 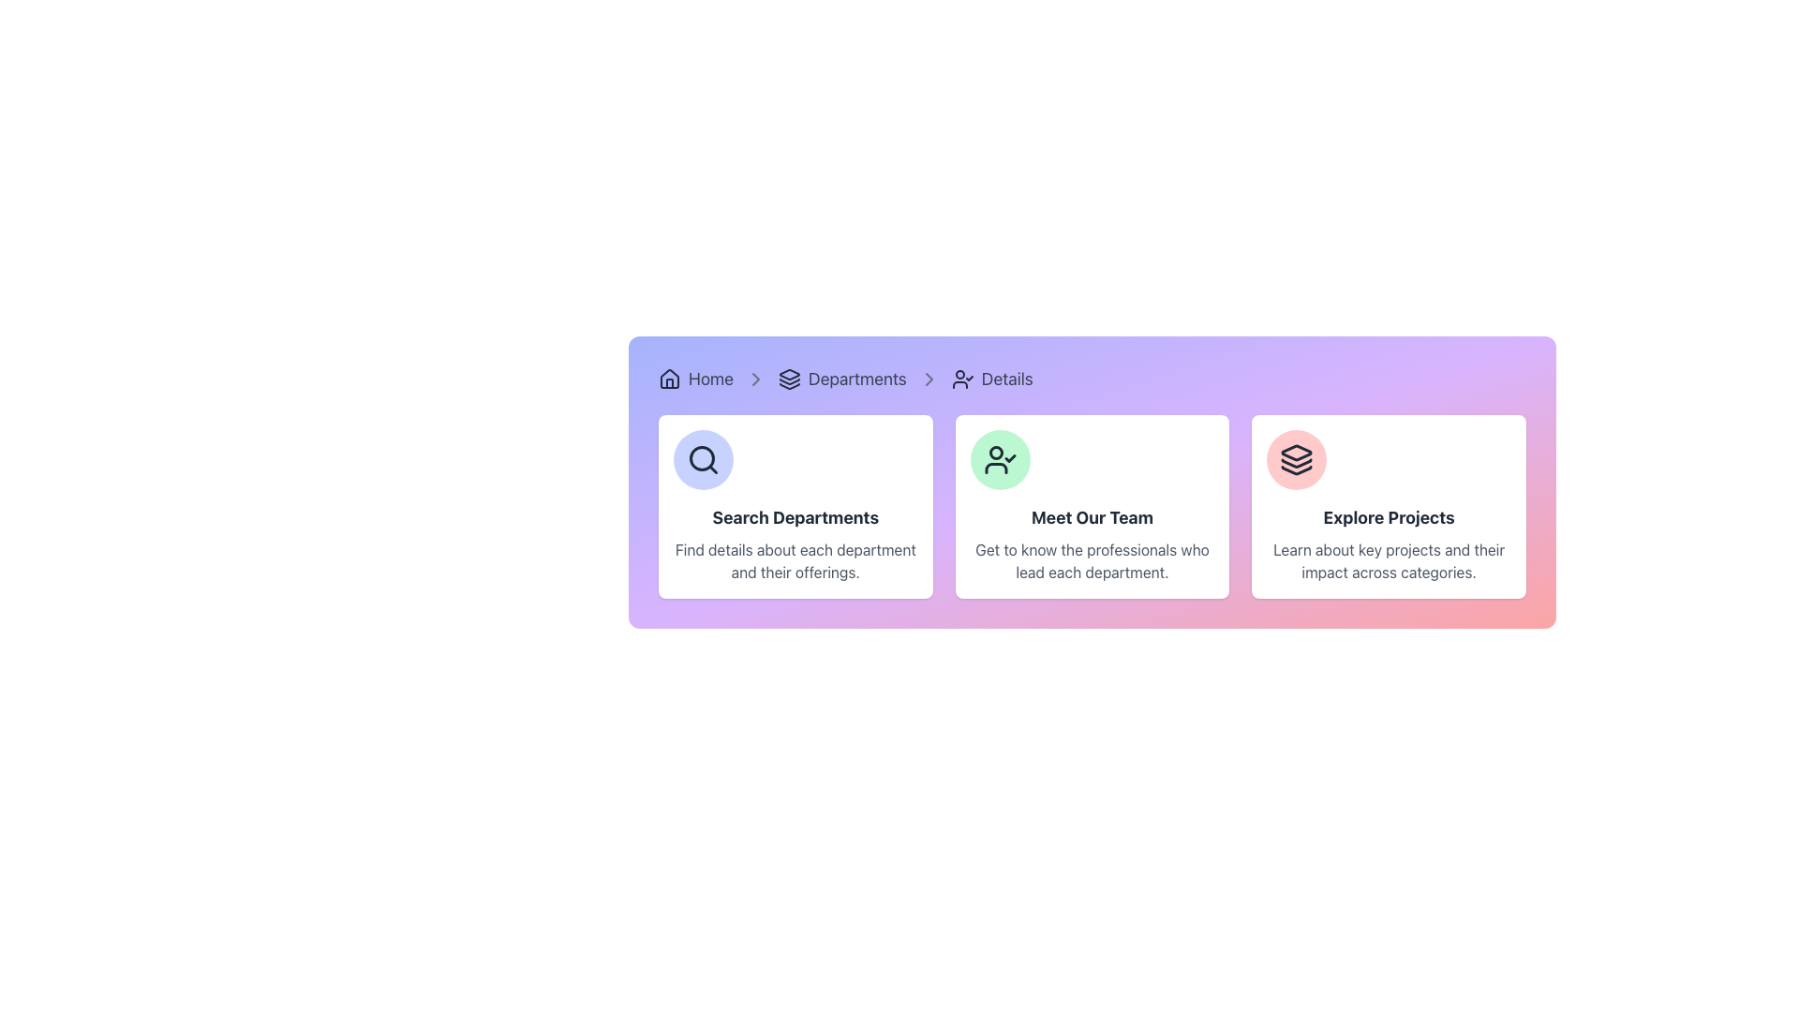 I want to click on the 'Departments' navigation link in the breadcrumb navigation bar, so click(x=856, y=379).